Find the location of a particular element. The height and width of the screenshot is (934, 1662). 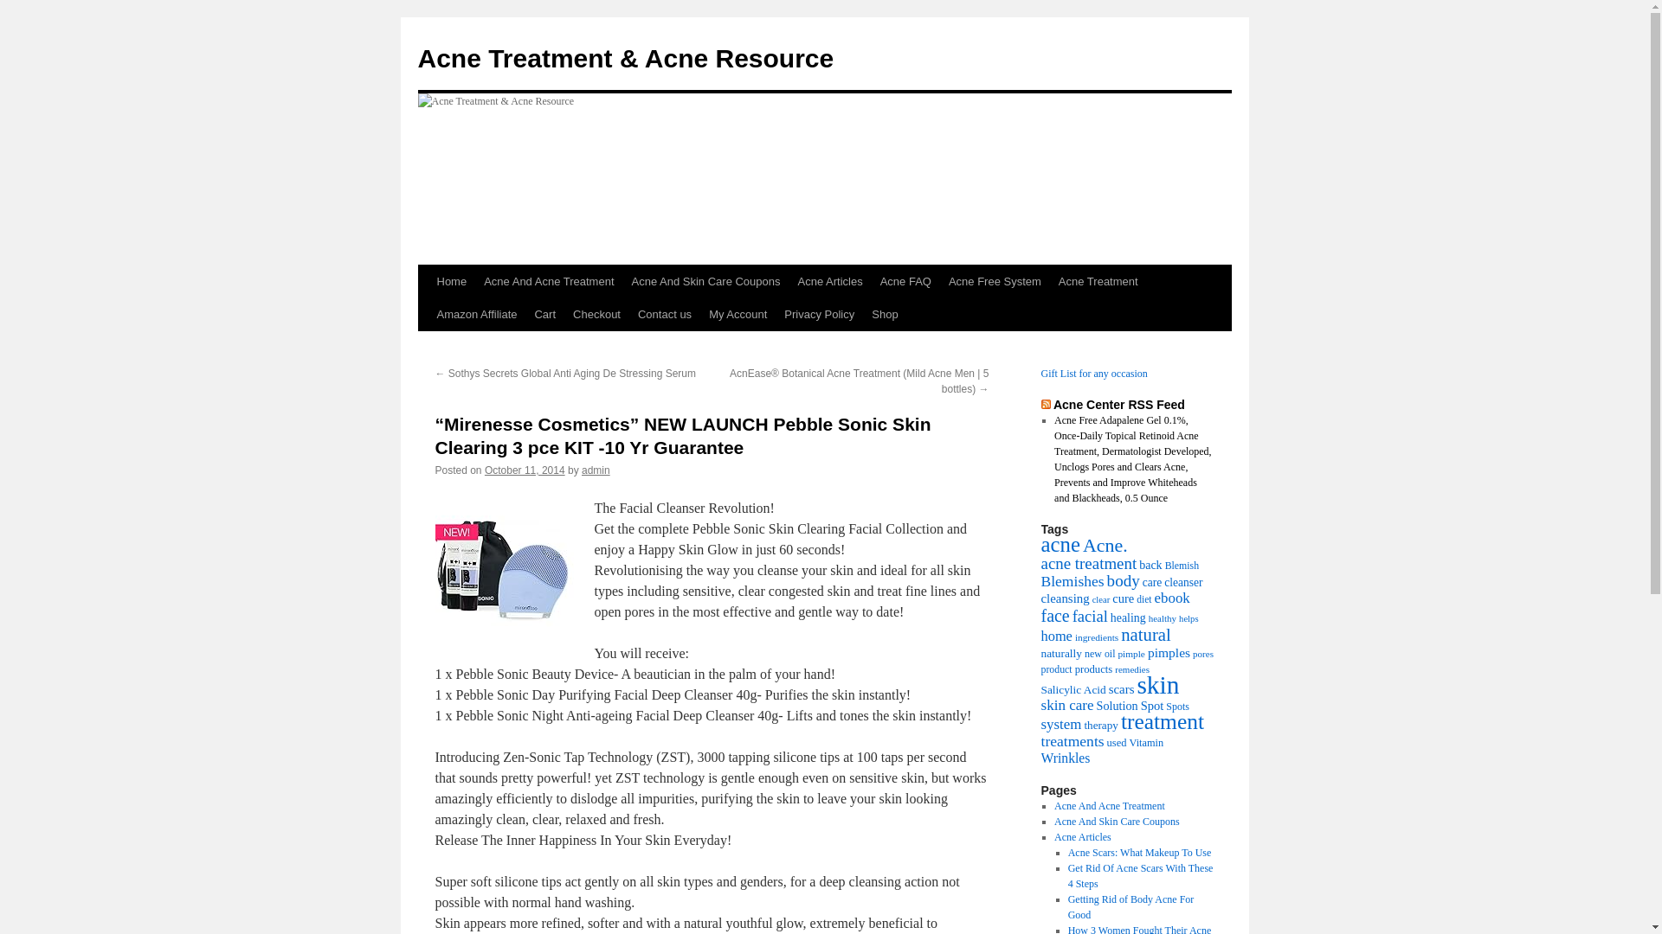

'Acne Treatment & Acne Resource' is located at coordinates (416, 57).